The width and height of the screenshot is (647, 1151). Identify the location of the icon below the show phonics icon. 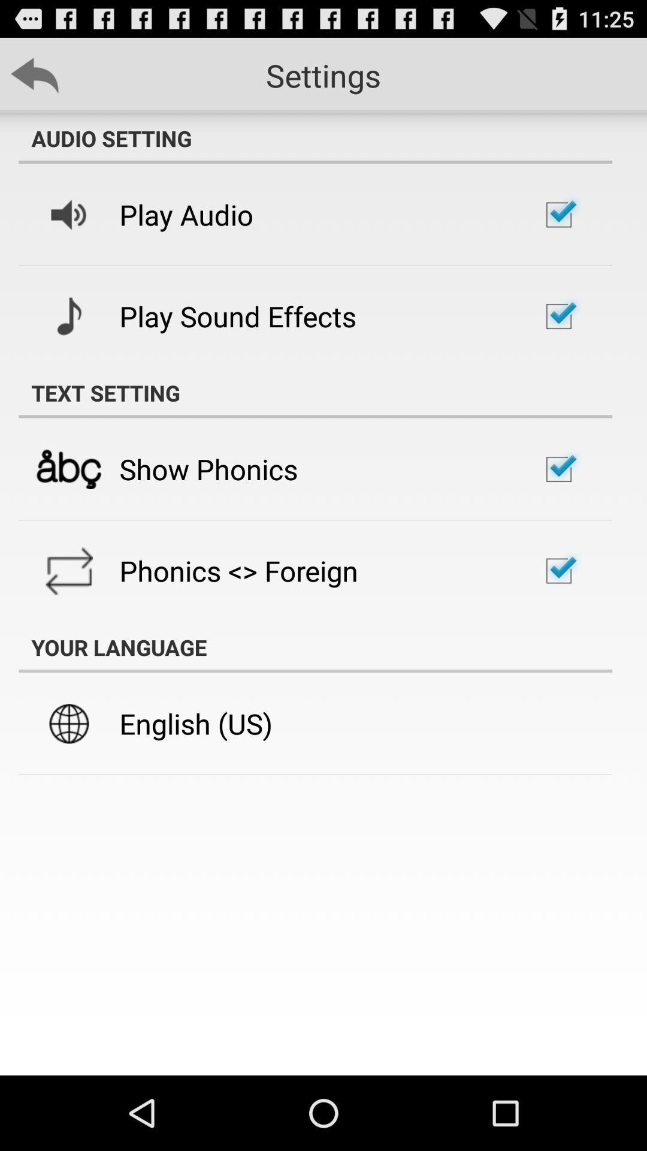
(238, 570).